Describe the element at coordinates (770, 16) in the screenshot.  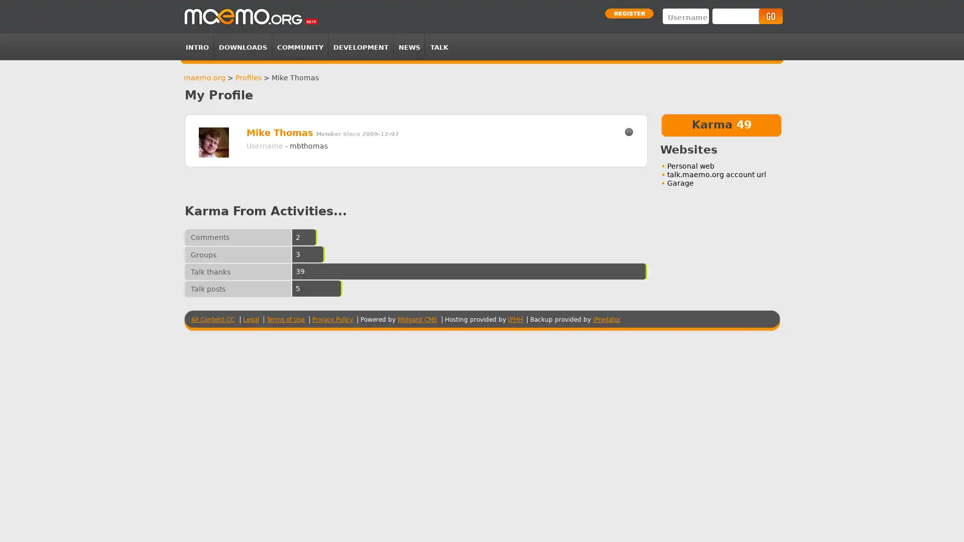
I see `Login` at that location.